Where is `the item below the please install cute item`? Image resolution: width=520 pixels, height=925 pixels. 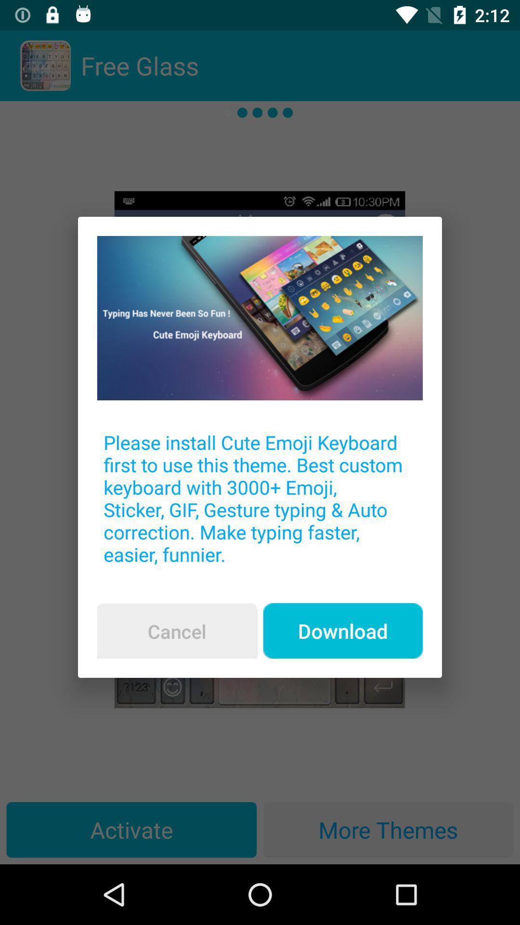
the item below the please install cute item is located at coordinates (342, 631).